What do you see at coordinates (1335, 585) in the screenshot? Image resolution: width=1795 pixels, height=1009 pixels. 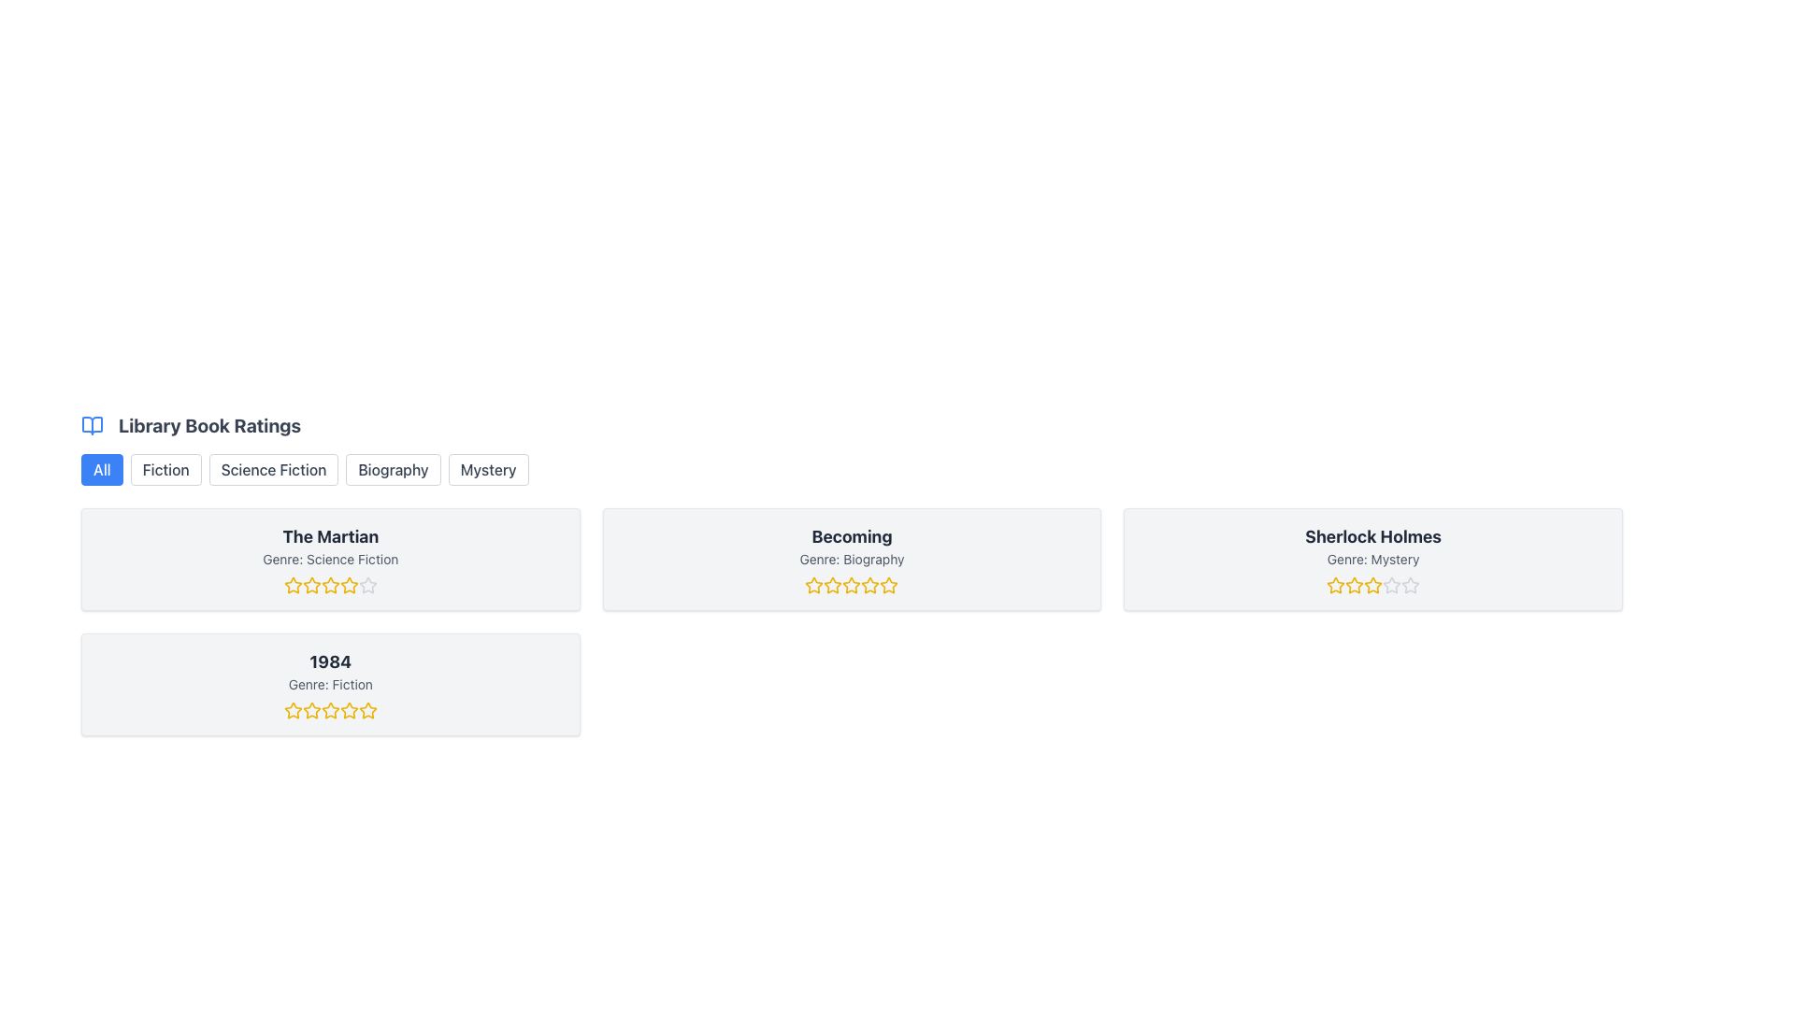 I see `the highlighted yellow star icon for the book 'Sherlock Holmes' in the 'Genre: Mystery' section` at bounding box center [1335, 585].